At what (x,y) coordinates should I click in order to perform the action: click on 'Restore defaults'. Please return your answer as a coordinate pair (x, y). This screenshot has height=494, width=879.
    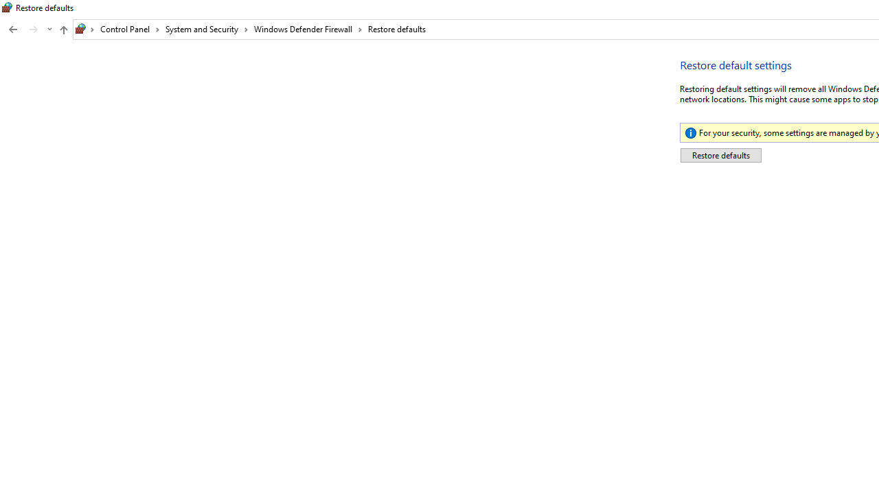
    Looking at the image, I should click on (720, 154).